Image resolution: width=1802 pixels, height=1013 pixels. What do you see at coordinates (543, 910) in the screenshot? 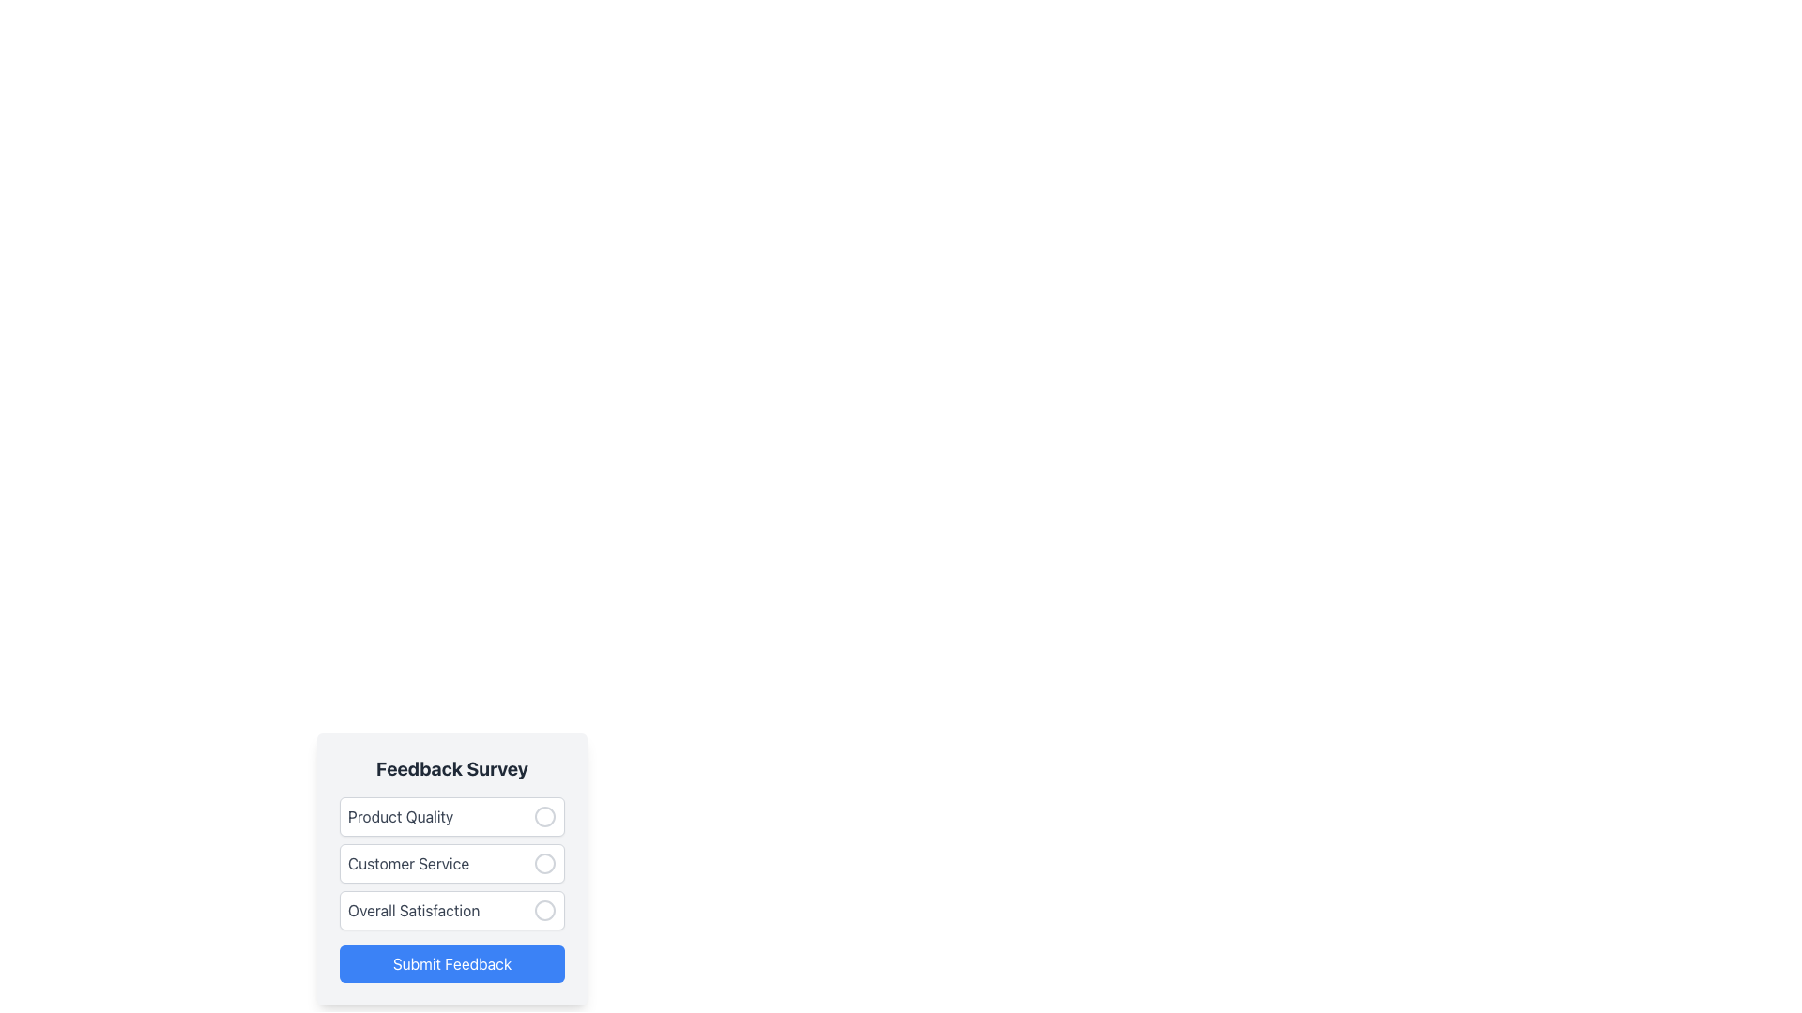
I see `the radio button for 'Overall Satisfaction'` at bounding box center [543, 910].